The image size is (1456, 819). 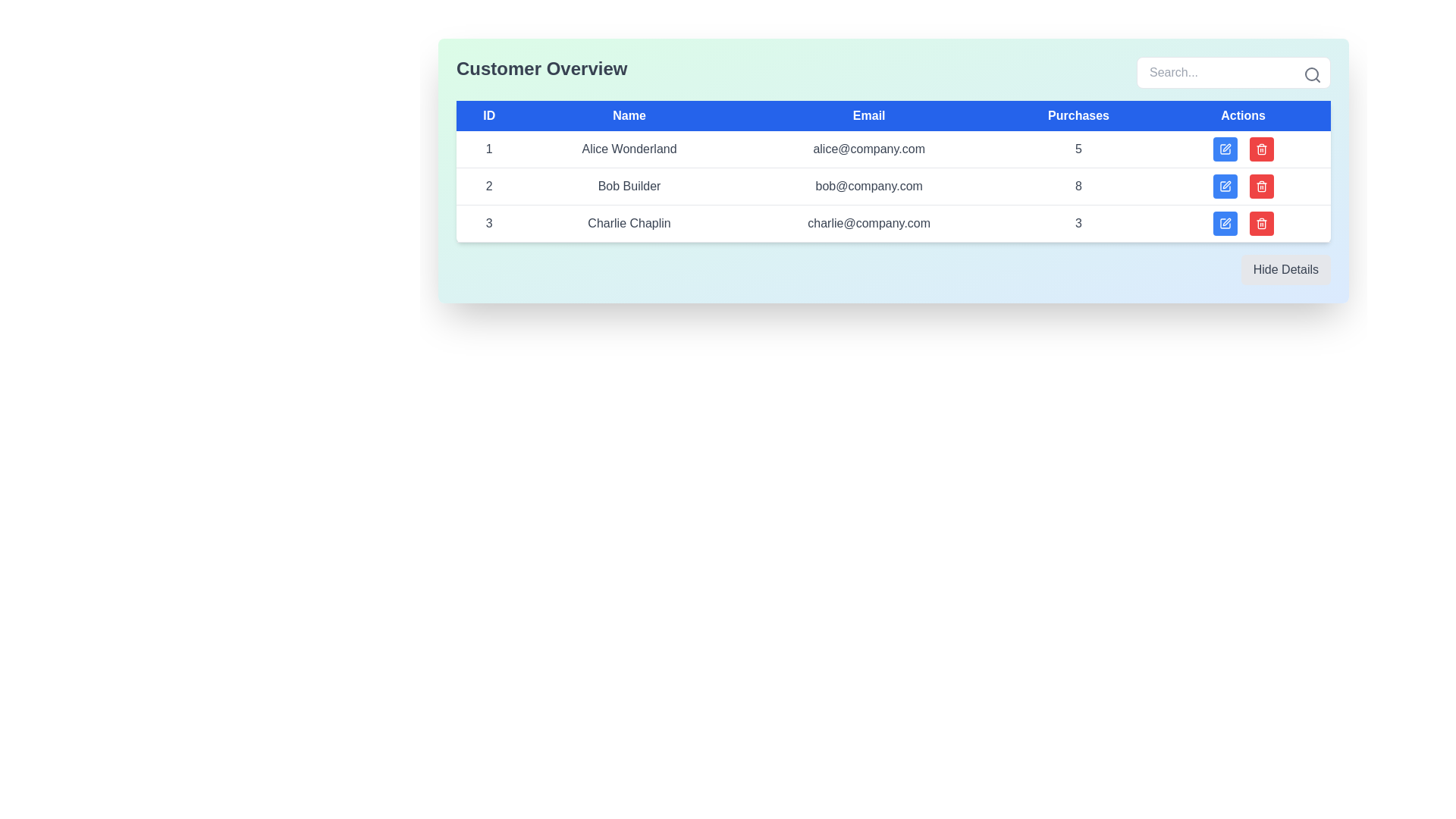 I want to click on the numeric value '3' displayed in gray color within the 'Purchases' column of the data table, located in the last row associated with 'Charlie Chaplin', so click(x=1078, y=223).